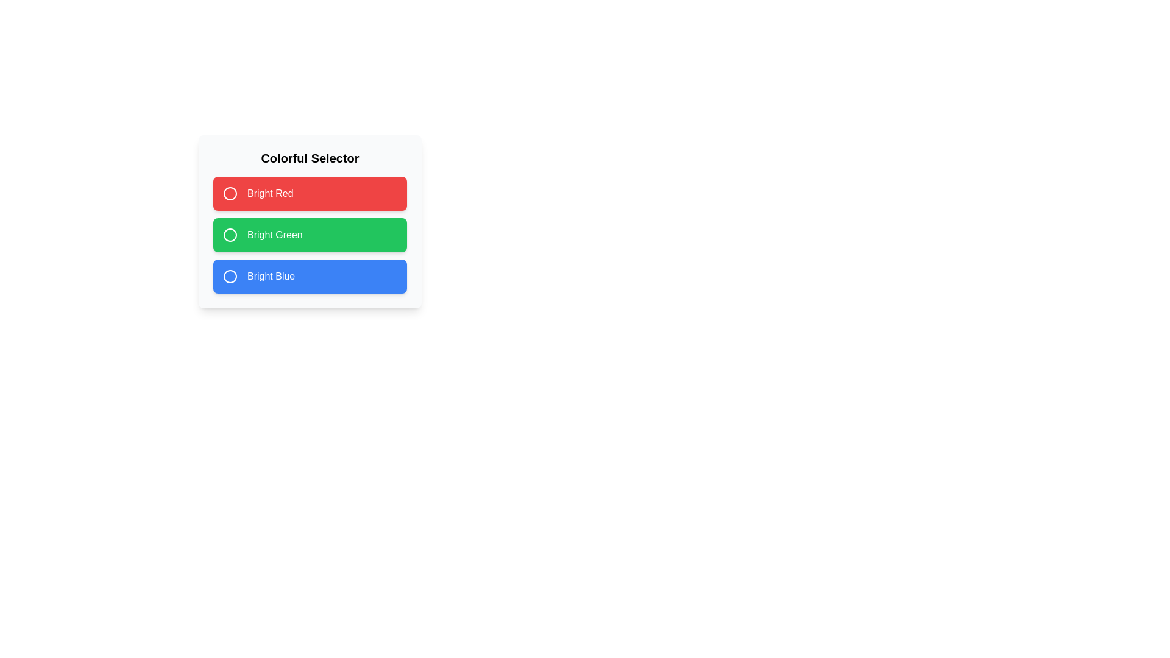 Image resolution: width=1170 pixels, height=658 pixels. Describe the element at coordinates (271, 277) in the screenshot. I see `text 'Bright Blue' from the third selectable option in the vertical group of colorful selectors, which has a blue background and a white circular icon to its left` at that location.